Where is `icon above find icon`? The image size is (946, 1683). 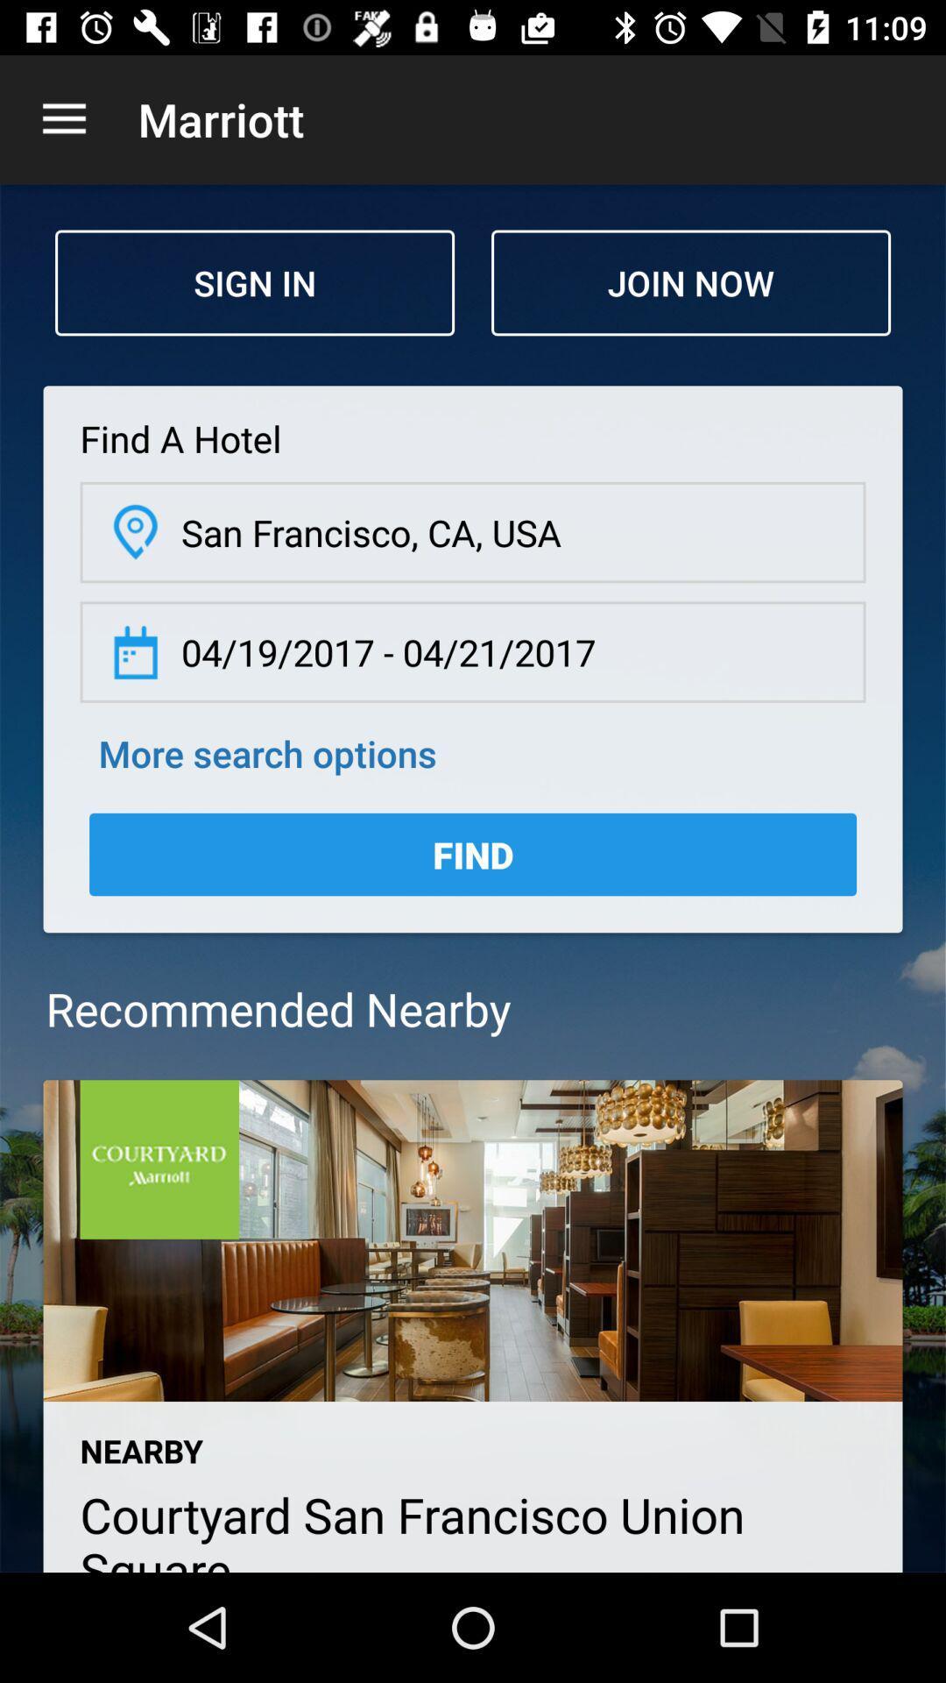
icon above find icon is located at coordinates (267, 753).